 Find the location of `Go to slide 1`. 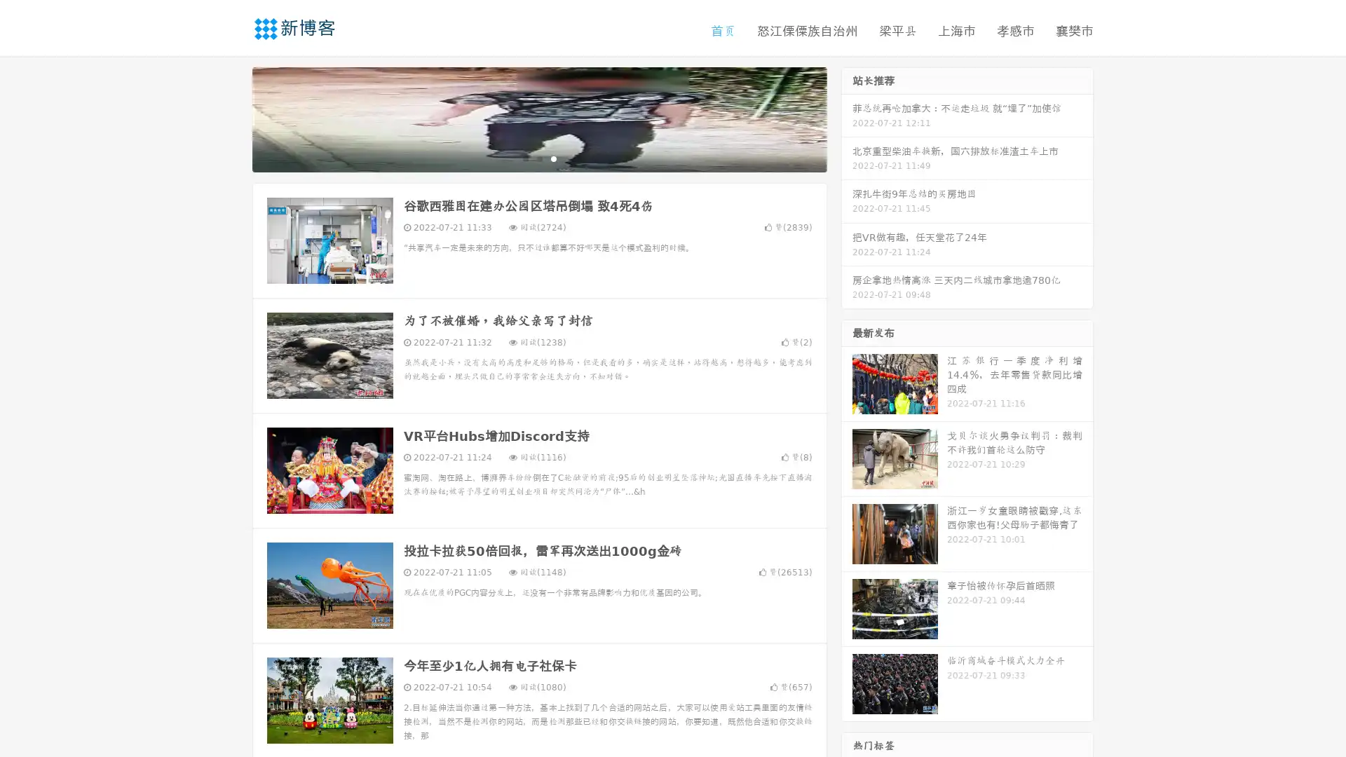

Go to slide 1 is located at coordinates (524, 158).